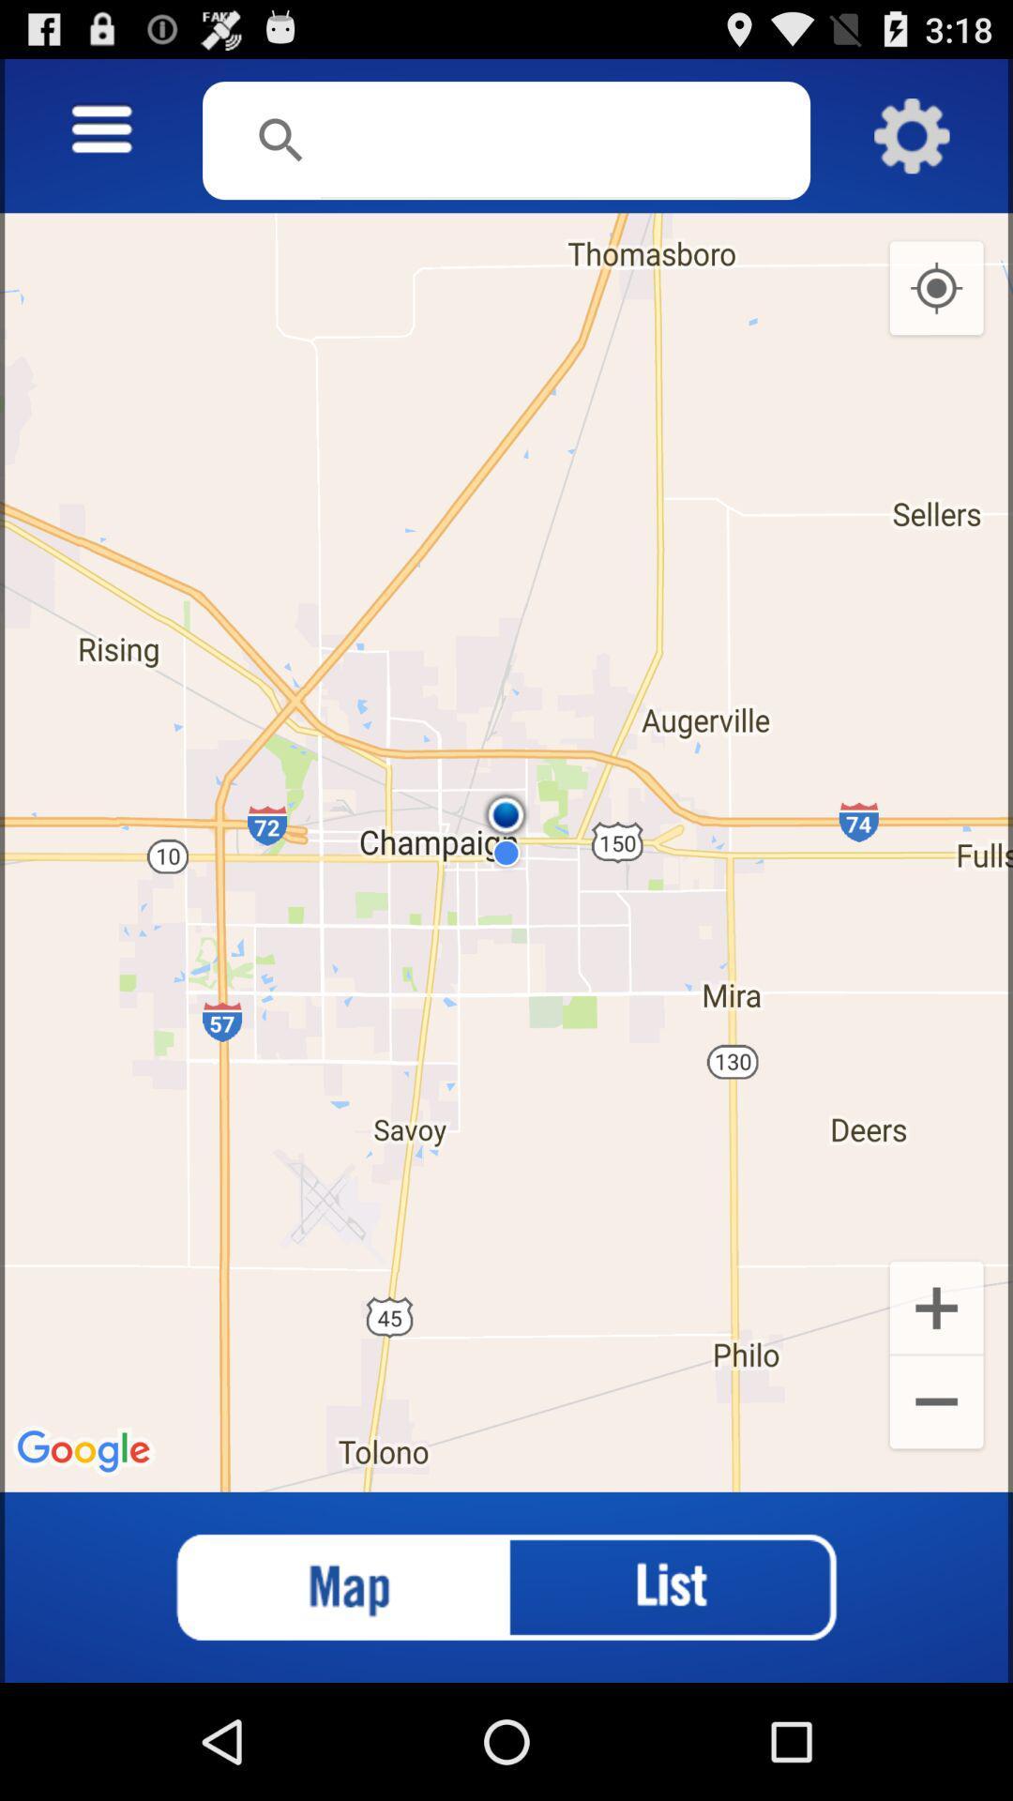 Image resolution: width=1013 pixels, height=1801 pixels. I want to click on the menu icon, so click(101, 139).